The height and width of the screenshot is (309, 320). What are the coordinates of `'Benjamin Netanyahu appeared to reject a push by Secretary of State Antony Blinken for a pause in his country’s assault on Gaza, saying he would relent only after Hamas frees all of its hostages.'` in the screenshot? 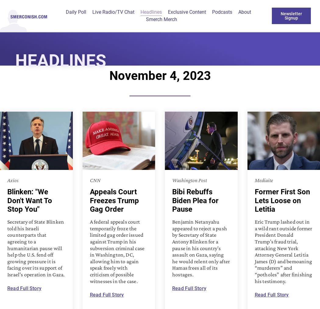 It's located at (201, 248).